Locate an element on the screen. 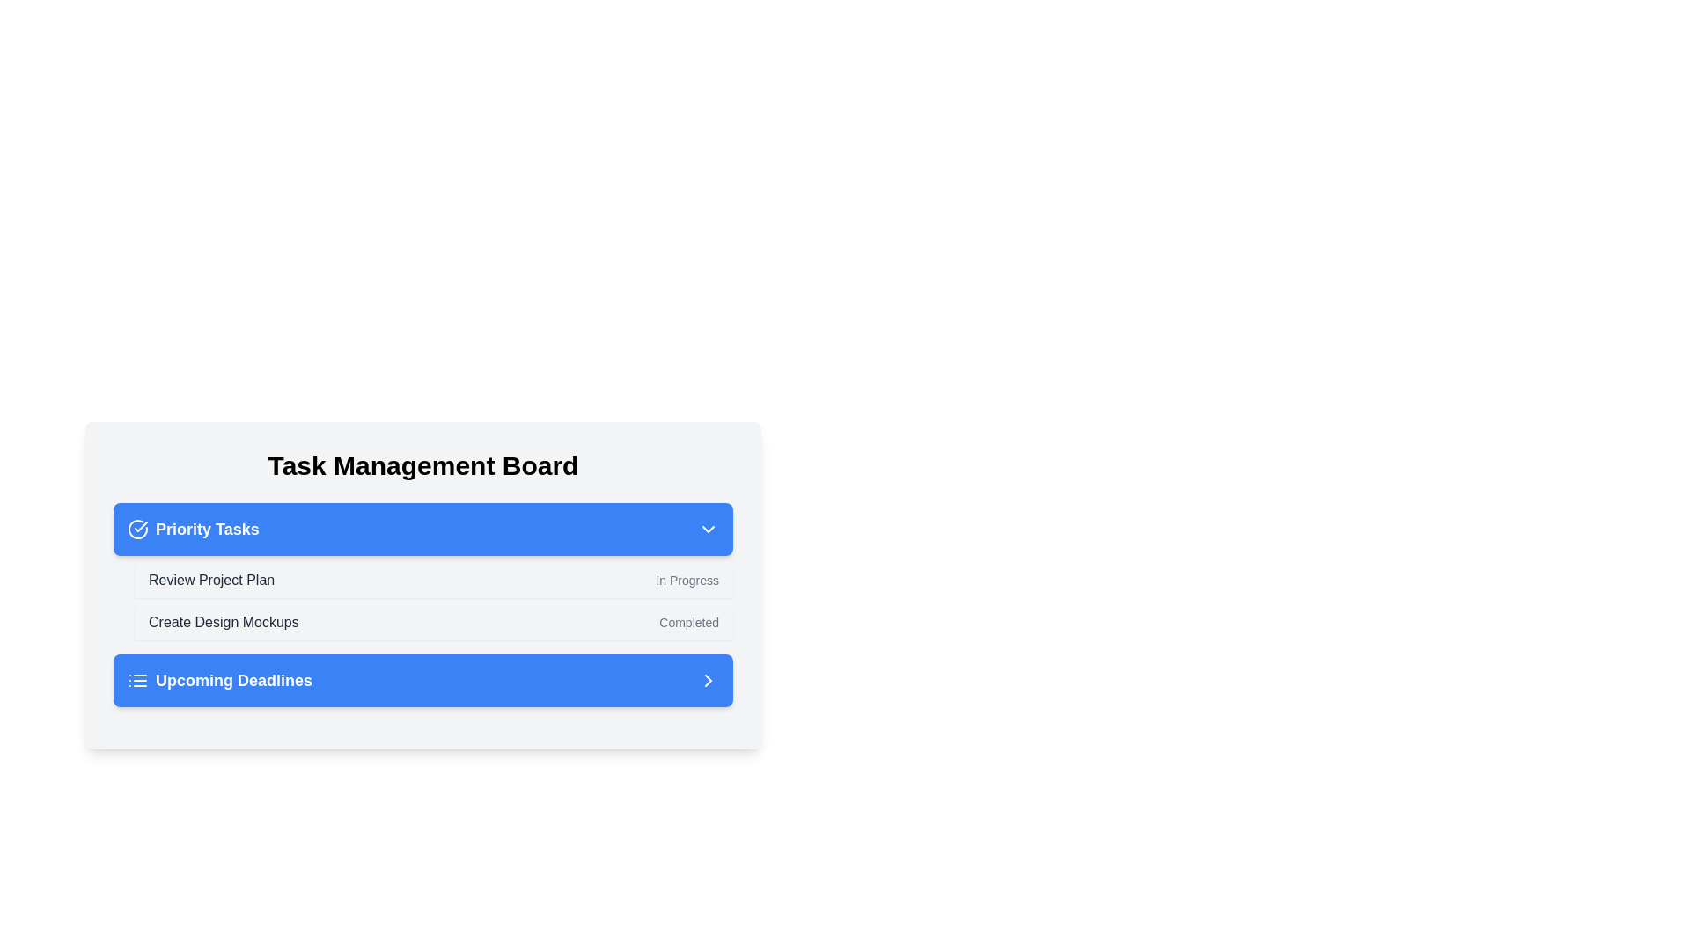 Image resolution: width=1690 pixels, height=950 pixels. the text label that displays the descriptive title for a task in the 'Priority Tasks' section by moving the mouse to its center point is located at coordinates (211, 580).